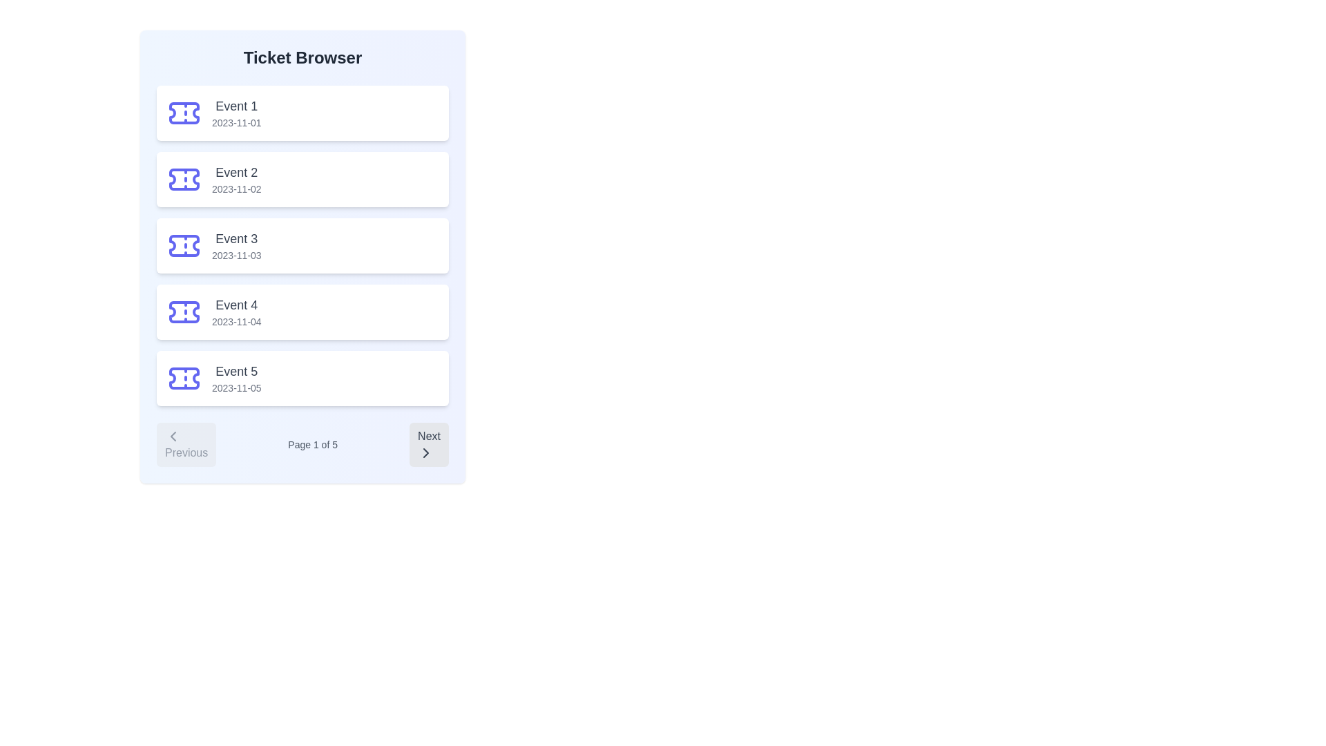  Describe the element at coordinates (236, 106) in the screenshot. I see `the text label displaying 'Event 1', which is located within the topmost card of the 'Ticket Browser' section, directly above the date '2023-11-01'` at that location.